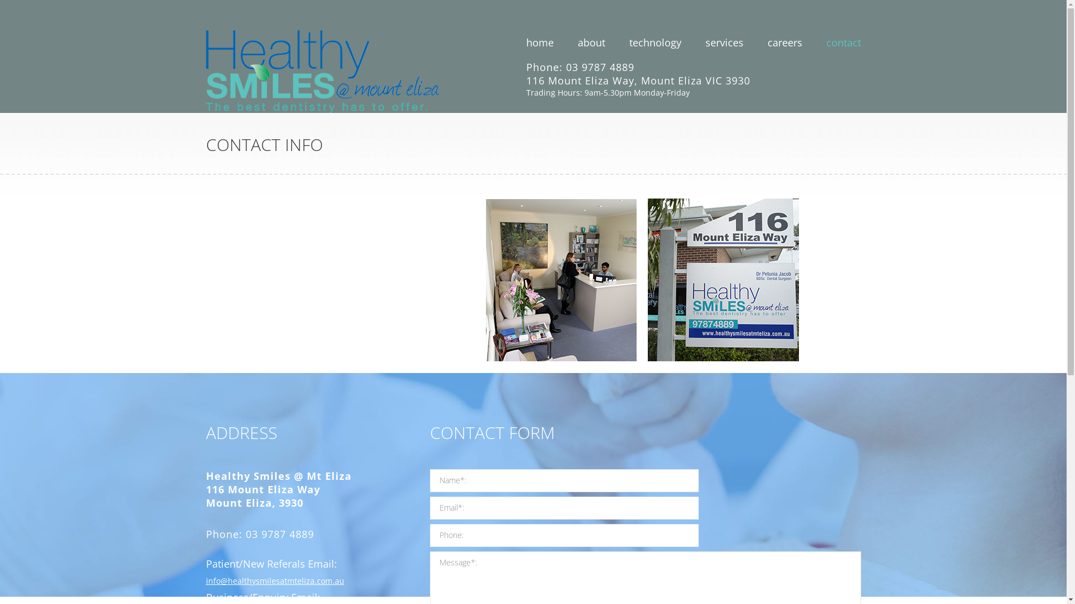  Describe the element at coordinates (580, 67) in the screenshot. I see `'Phone: 03 9787 4889'` at that location.